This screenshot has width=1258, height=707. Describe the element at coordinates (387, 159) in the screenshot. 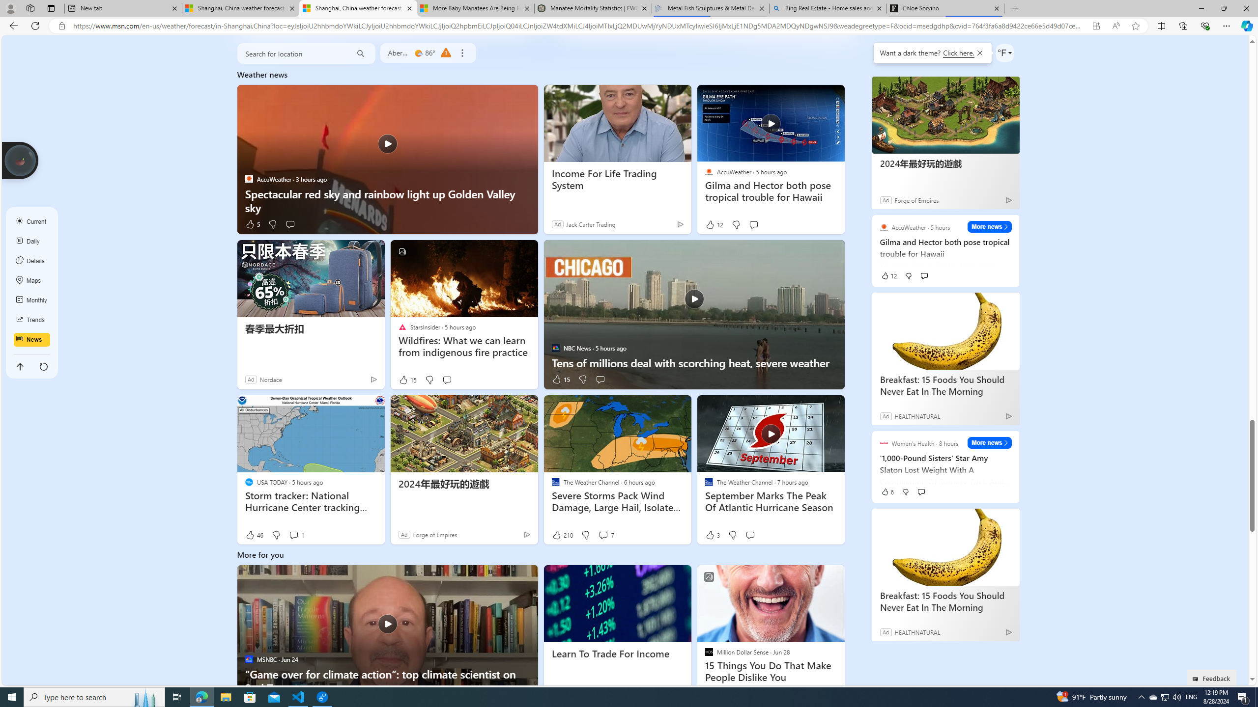

I see `'Spectacular red sky and rainbow light up Golden Valley sky'` at that location.